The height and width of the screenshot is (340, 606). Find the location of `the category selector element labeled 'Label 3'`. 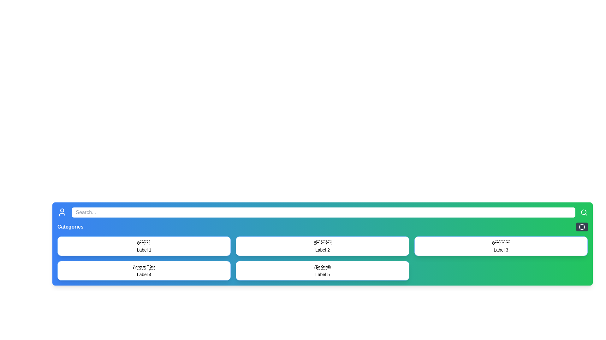

the category selector element labeled 'Label 3' is located at coordinates (501, 246).